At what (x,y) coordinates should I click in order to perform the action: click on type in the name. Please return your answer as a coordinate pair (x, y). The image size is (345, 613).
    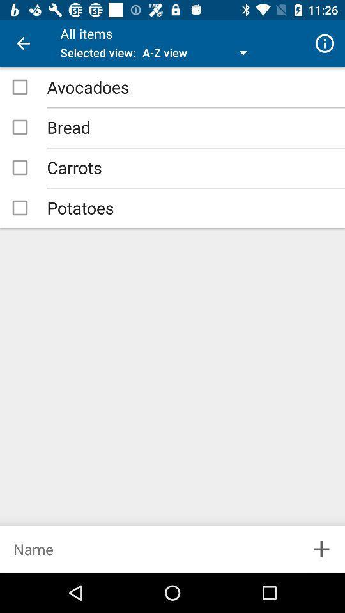
    Looking at the image, I should click on (148, 549).